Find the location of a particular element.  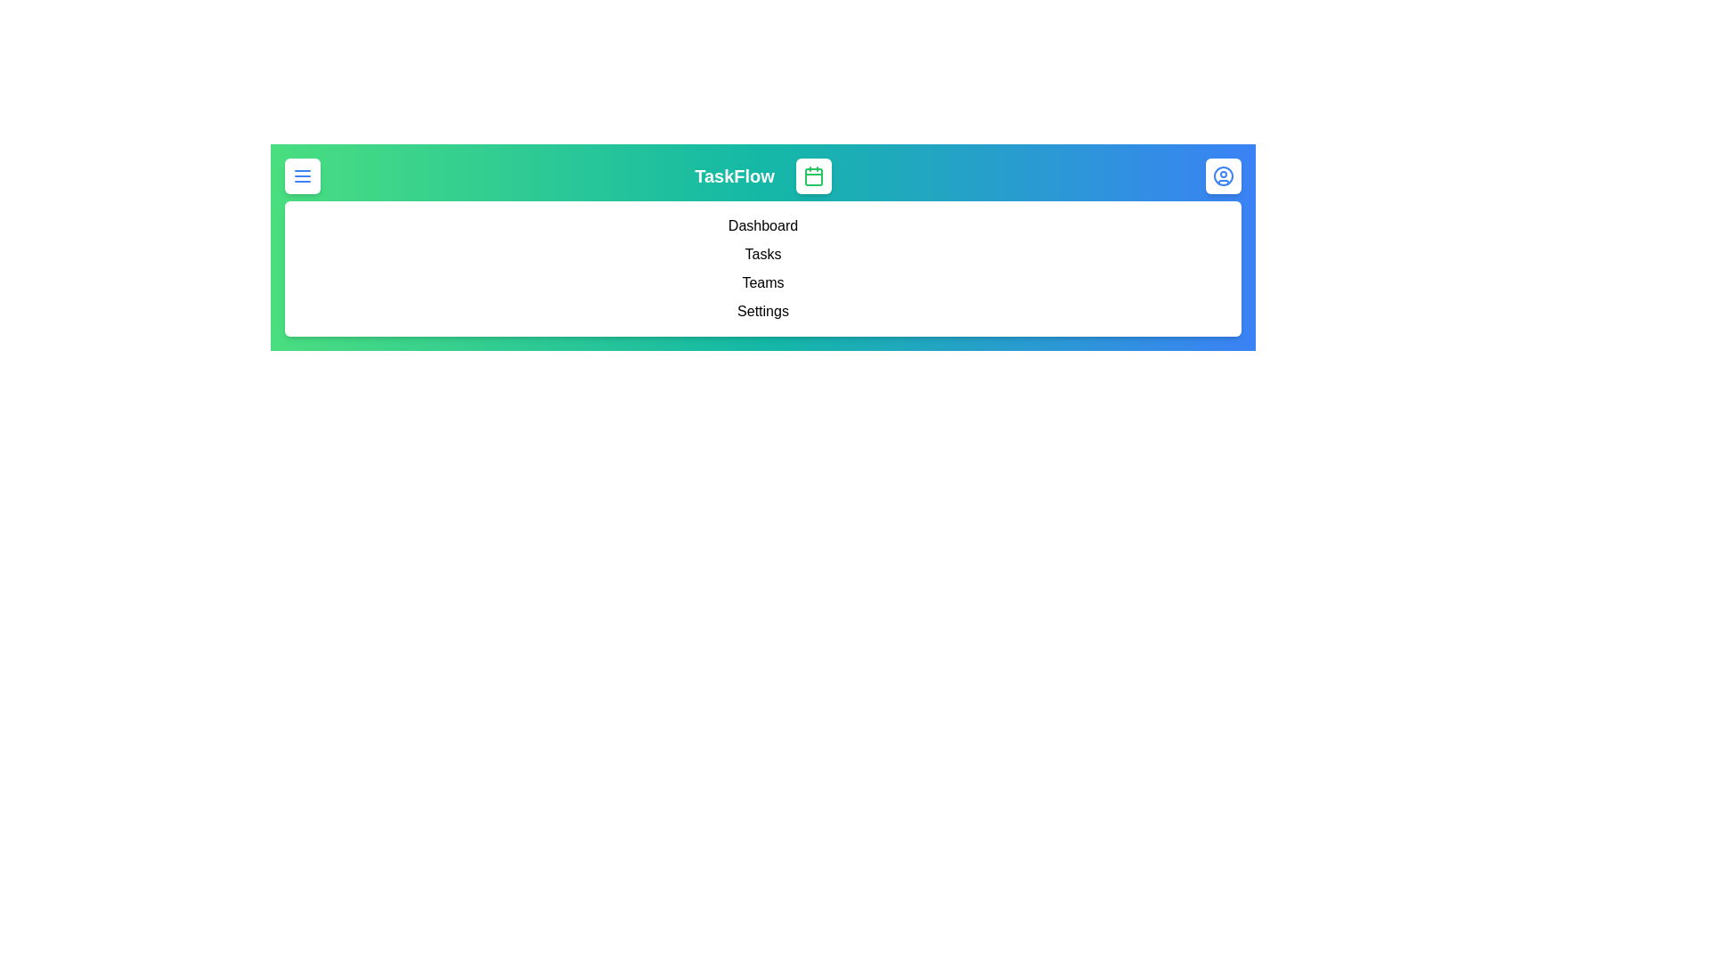

the menu item Tasks to navigate to the respective section is located at coordinates (763, 254).